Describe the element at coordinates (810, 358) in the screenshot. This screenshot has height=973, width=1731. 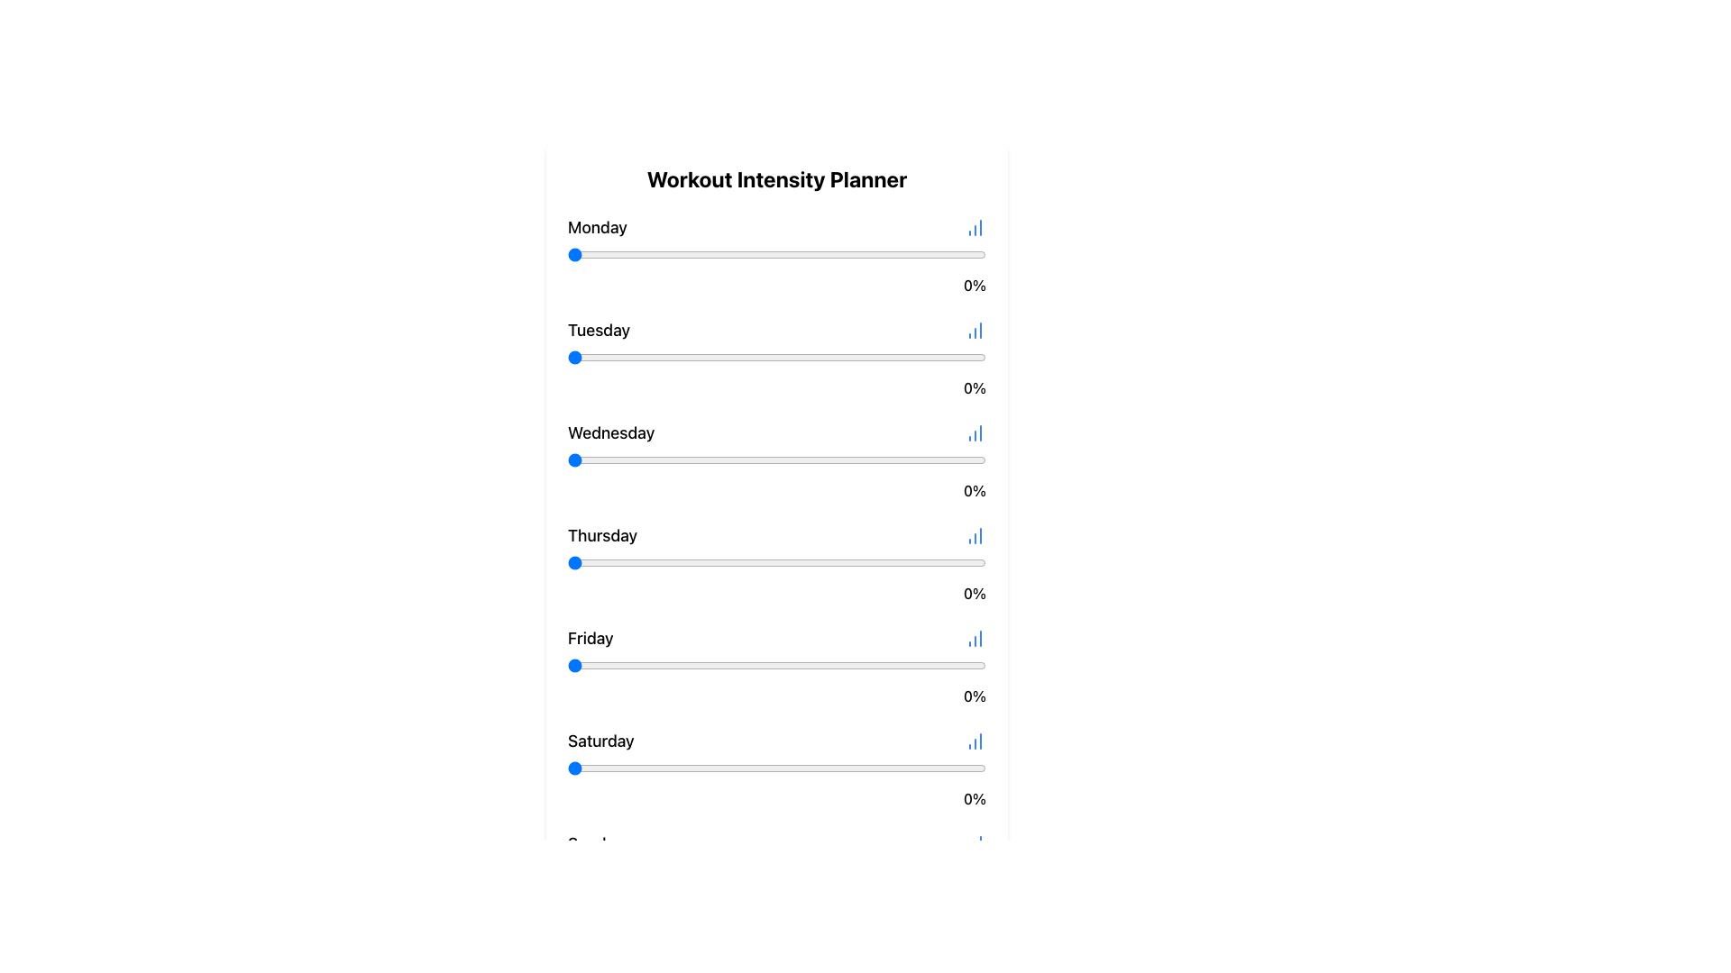
I see `the Tuesday intensity level` at that location.